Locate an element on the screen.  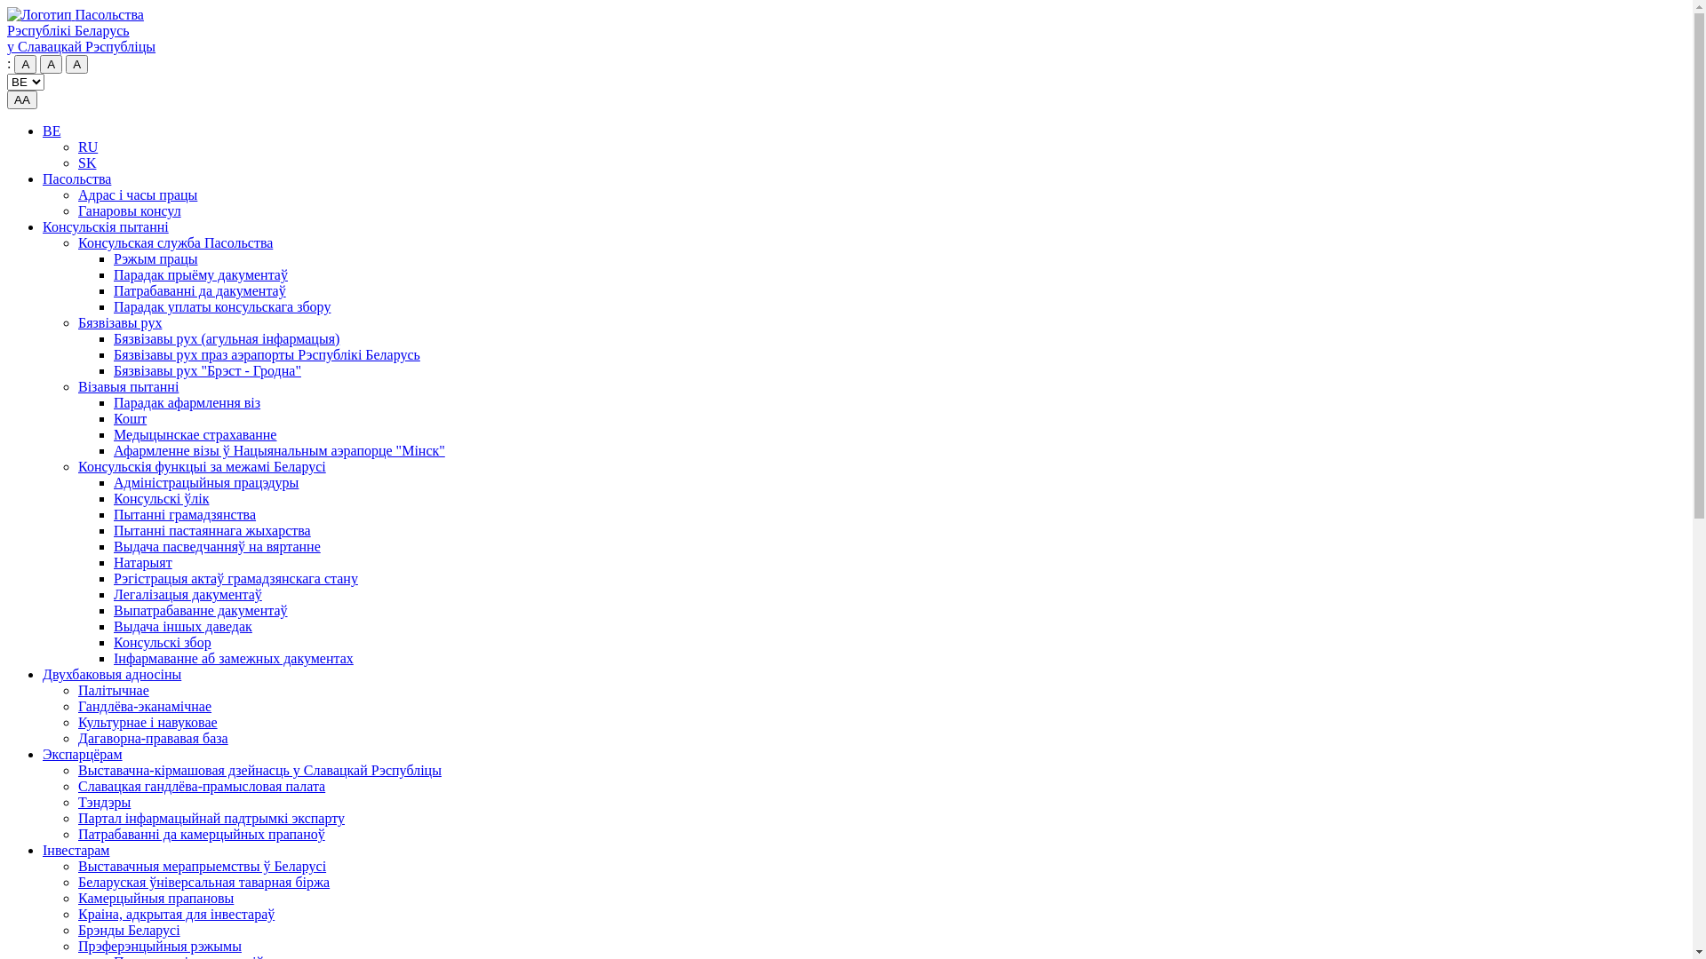
'A' is located at coordinates (76, 63).